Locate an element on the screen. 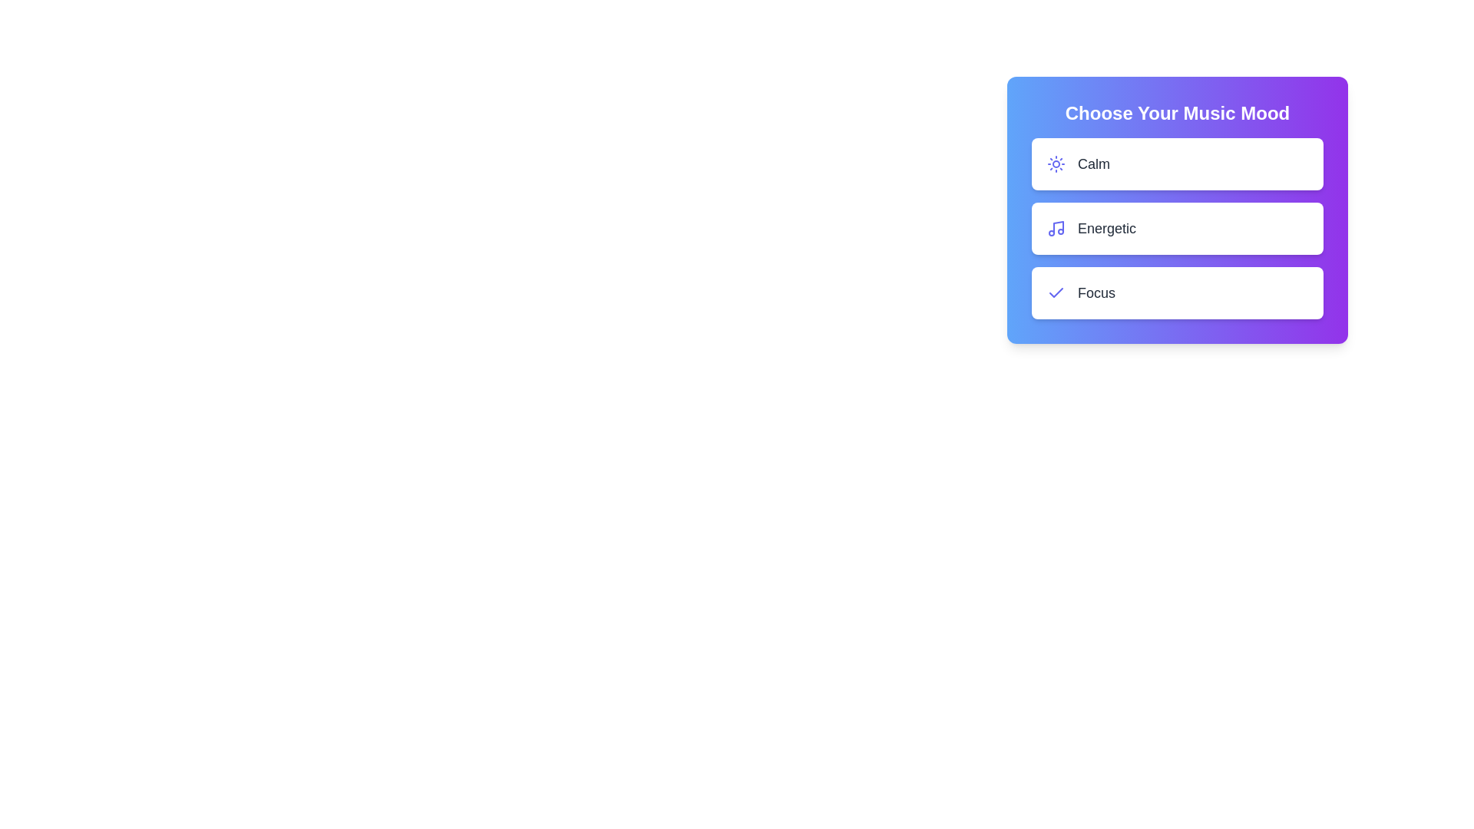 The width and height of the screenshot is (1474, 829). the 'Energetic' music mood button, which is the second button in a vertical list of three buttons within a gradient-colored card in the top-right quadrant of the interface is located at coordinates (1177, 228).